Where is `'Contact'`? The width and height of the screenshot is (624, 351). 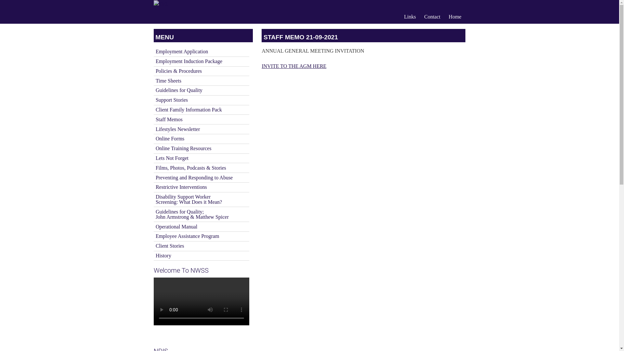
'Contact' is located at coordinates (432, 16).